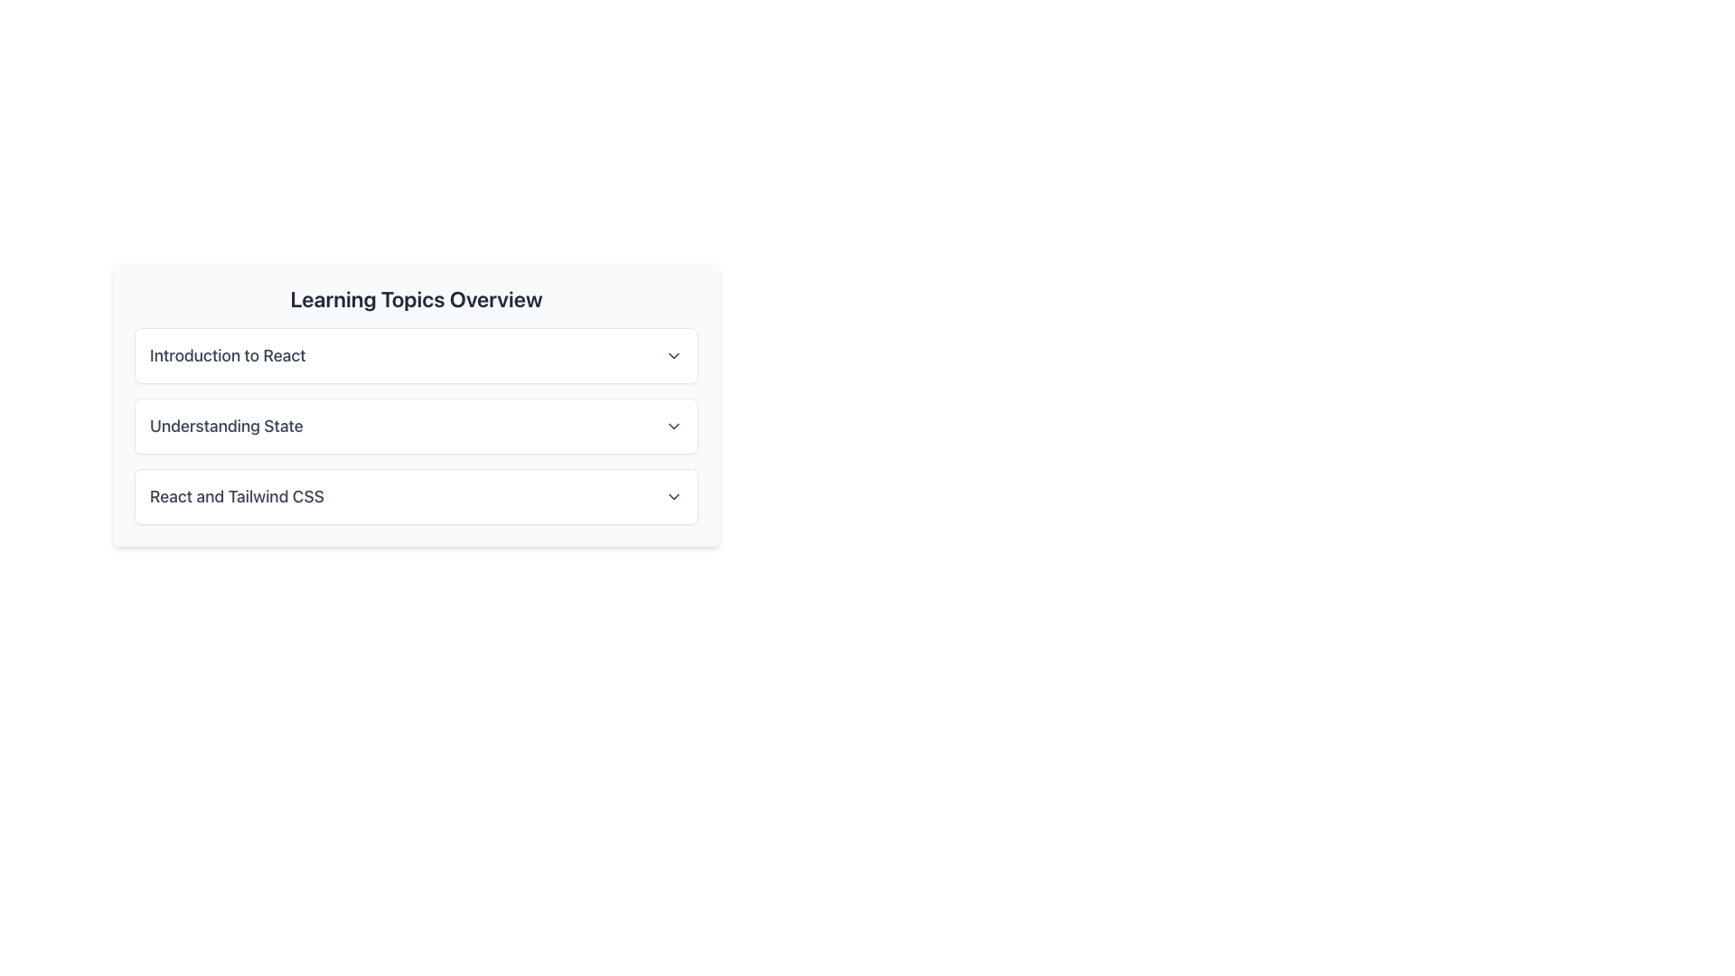 Image resolution: width=1735 pixels, height=976 pixels. What do you see at coordinates (672, 355) in the screenshot?
I see `the downwards chevron icon at the far-right side of the row labeled 'Introduction to React'` at bounding box center [672, 355].